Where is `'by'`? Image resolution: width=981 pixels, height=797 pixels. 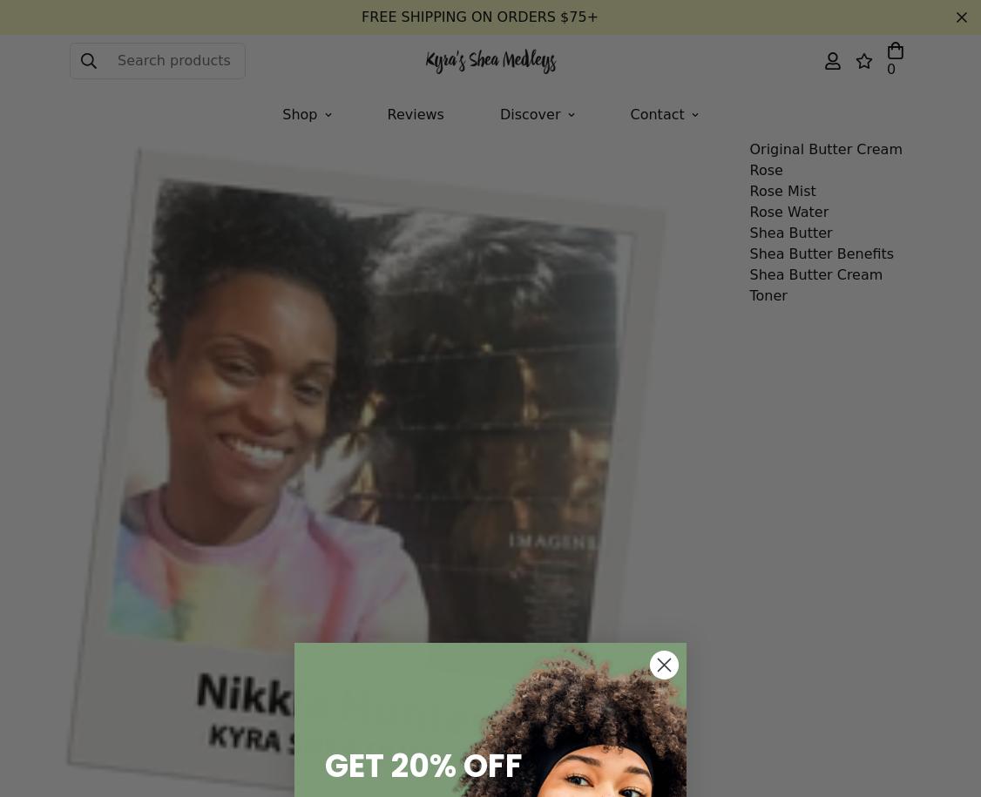 'by' is located at coordinates (254, 97).